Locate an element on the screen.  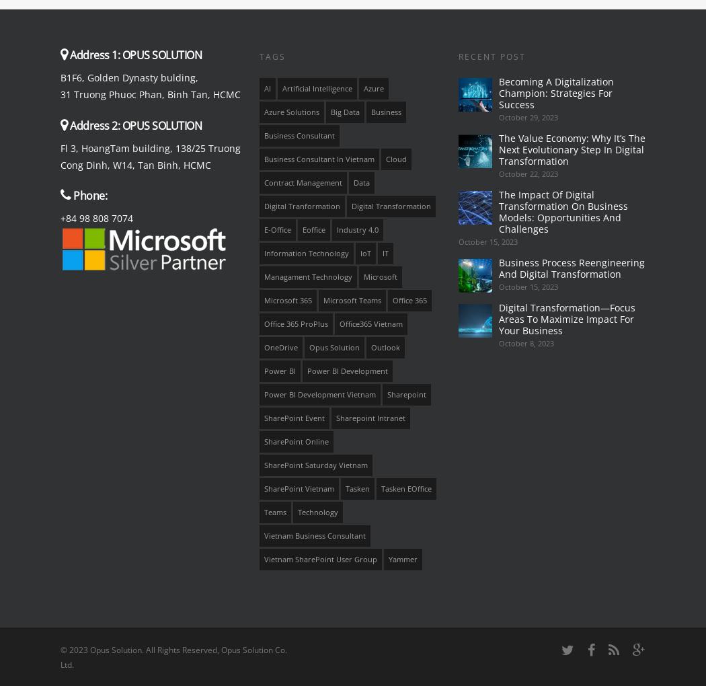
'B1F6, Golden Dynasty bulding,' is located at coordinates (128, 77).